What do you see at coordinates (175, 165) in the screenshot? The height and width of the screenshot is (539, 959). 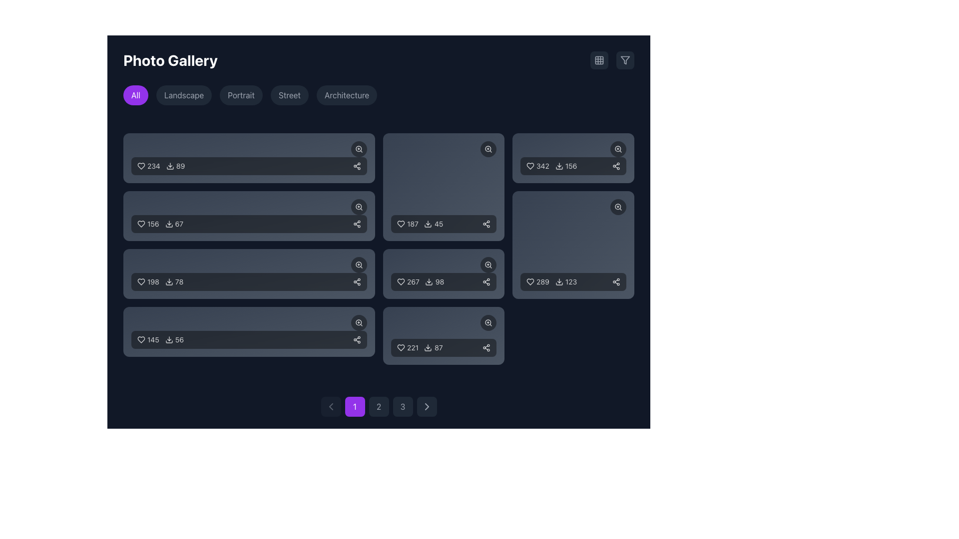 I see `the icon indicating the download count '89' located to the right of the heart icon with the number '234' to initiate an action` at bounding box center [175, 165].